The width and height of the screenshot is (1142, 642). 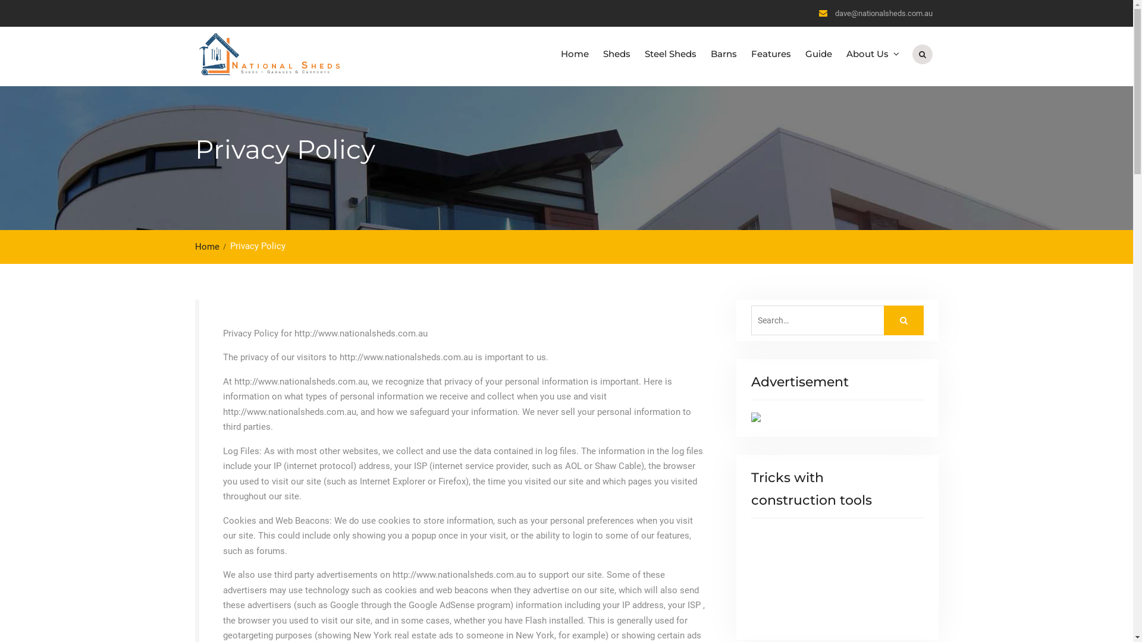 I want to click on 'Home', so click(x=211, y=246).